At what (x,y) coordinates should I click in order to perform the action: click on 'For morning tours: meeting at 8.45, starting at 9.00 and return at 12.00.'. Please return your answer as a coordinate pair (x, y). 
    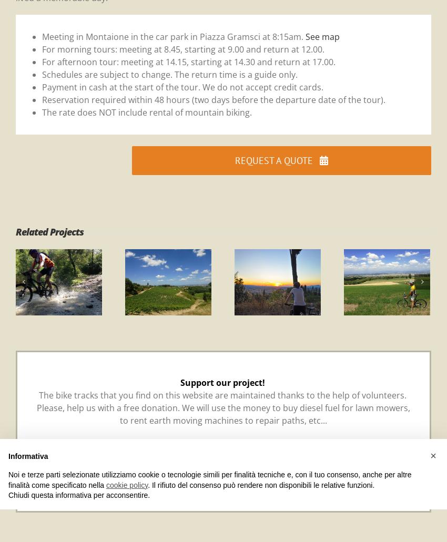
    Looking at the image, I should click on (182, 49).